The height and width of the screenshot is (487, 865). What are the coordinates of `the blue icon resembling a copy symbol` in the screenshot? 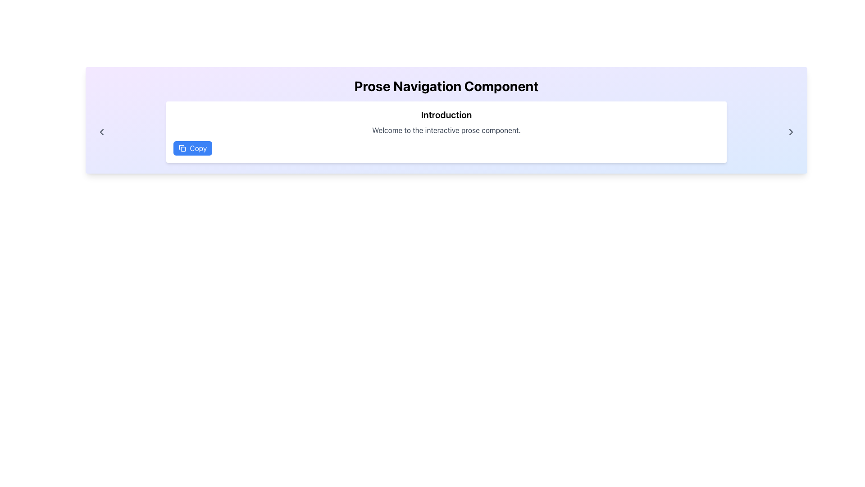 It's located at (182, 147).